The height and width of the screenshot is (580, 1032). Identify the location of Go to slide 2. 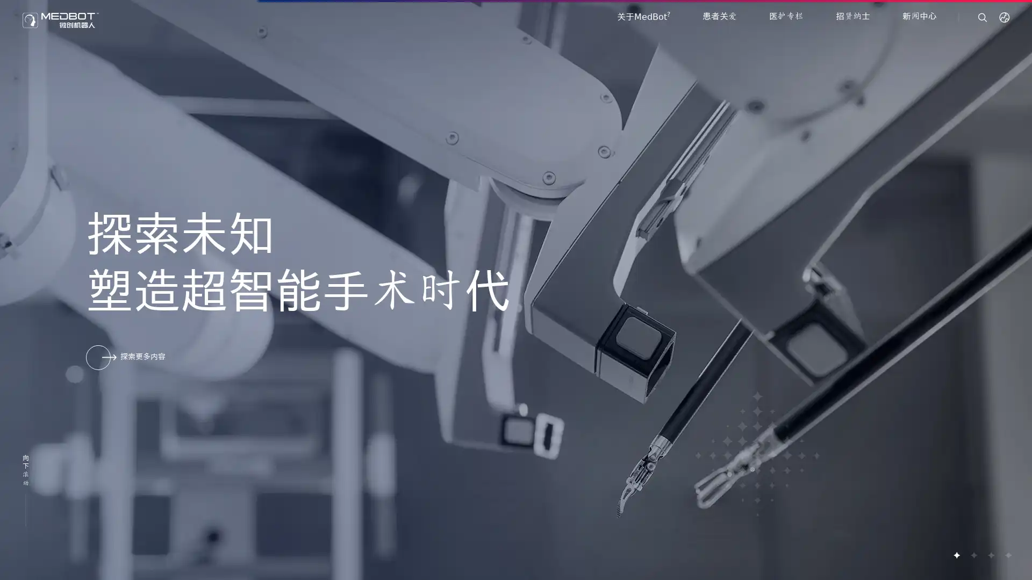
(973, 555).